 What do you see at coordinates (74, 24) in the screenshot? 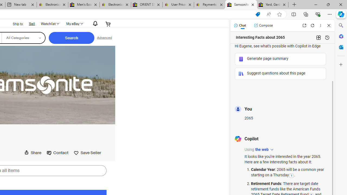
I see `'My eBay'` at bounding box center [74, 24].